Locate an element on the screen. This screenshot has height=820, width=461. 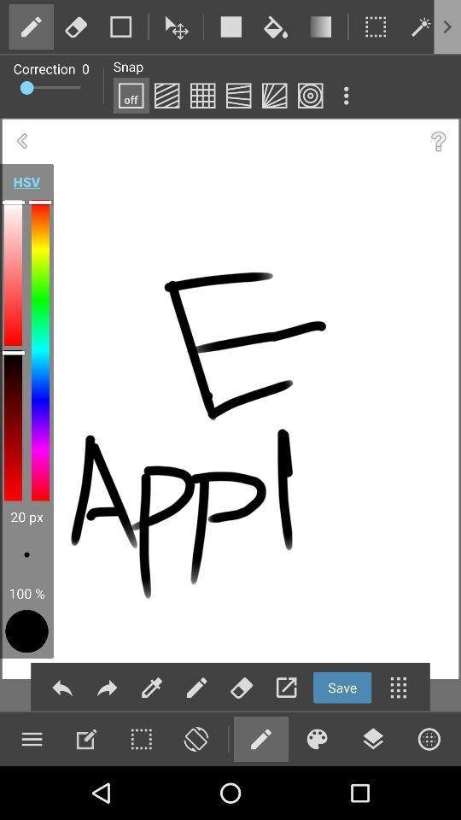
the edit icon is located at coordinates (260, 738).